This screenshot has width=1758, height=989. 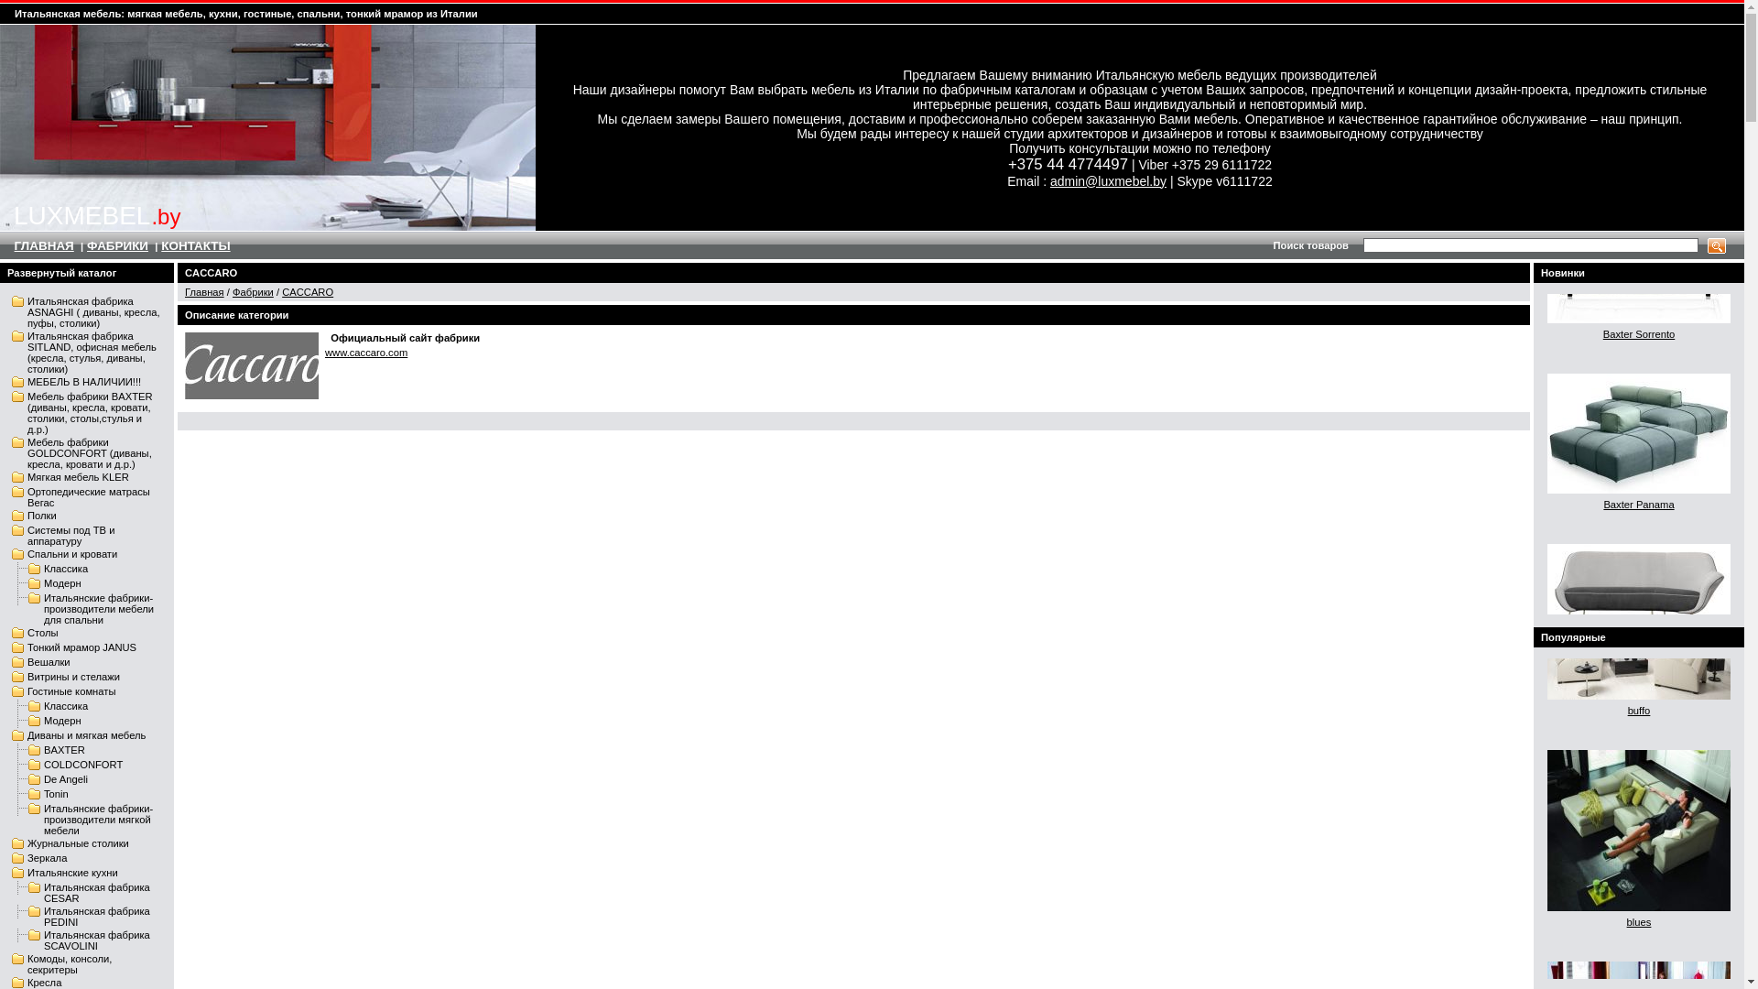 I want to click on 'COLDCONFORT', so click(x=82, y=764).